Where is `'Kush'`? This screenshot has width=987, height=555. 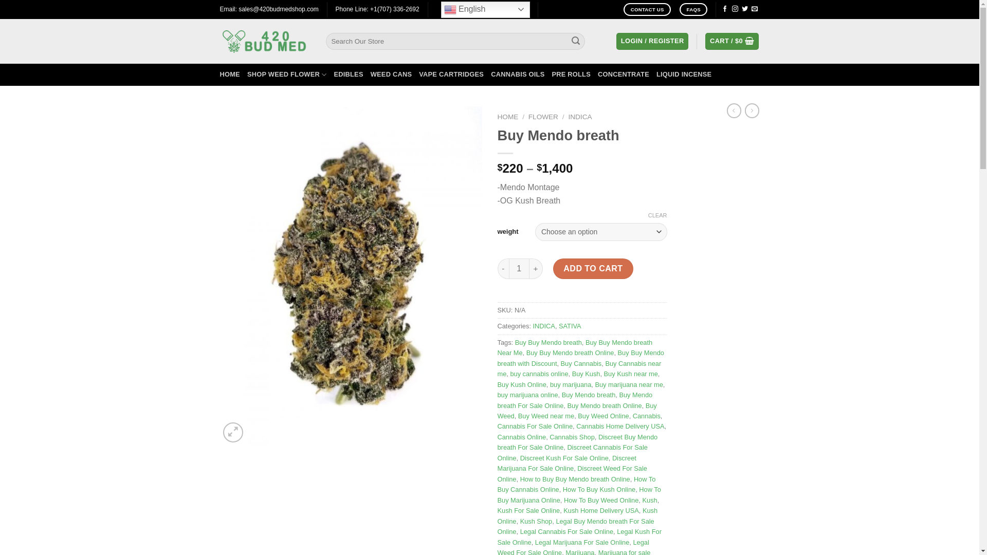 'Kush' is located at coordinates (649, 499).